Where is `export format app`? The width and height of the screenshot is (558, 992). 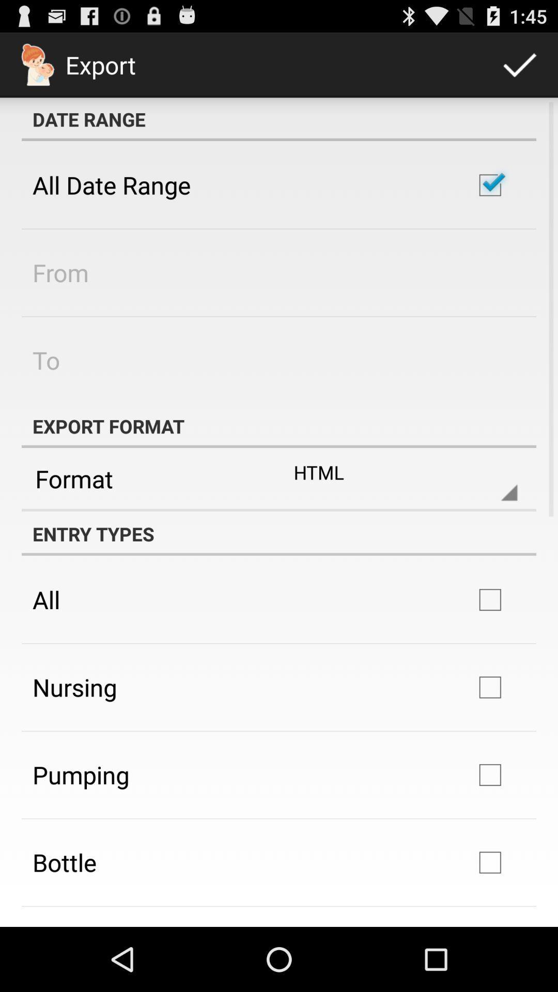 export format app is located at coordinates (279, 426).